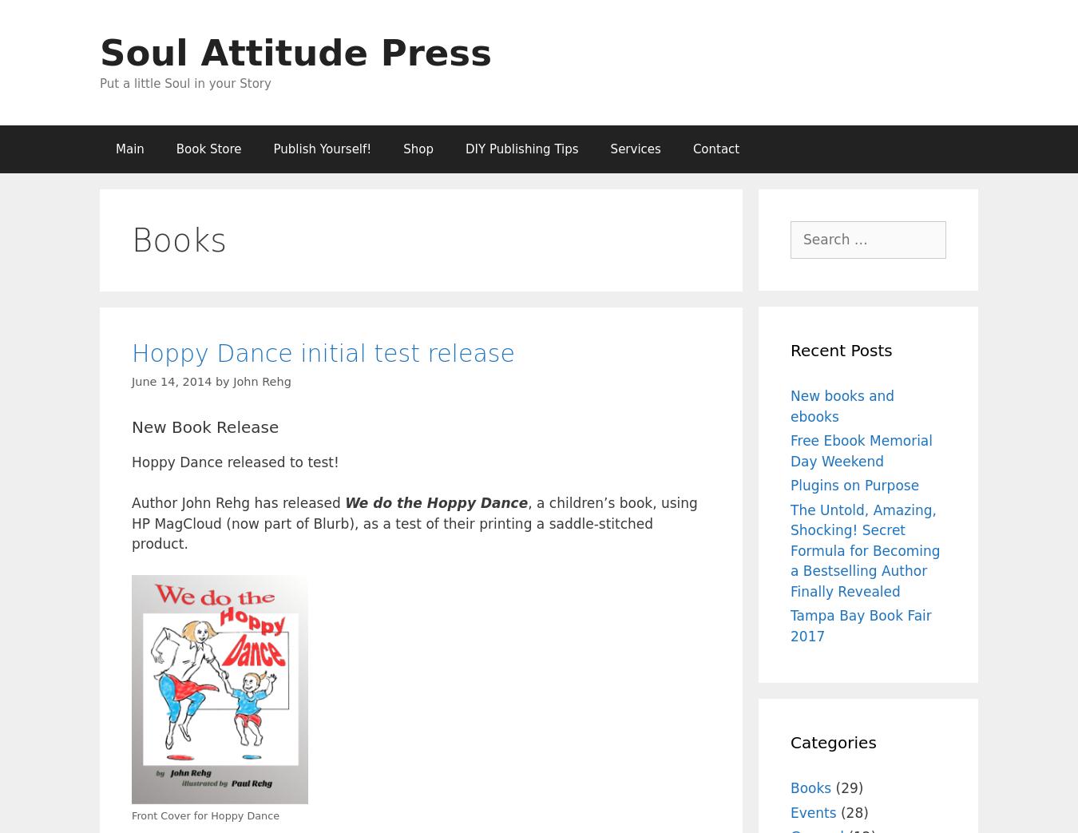  Describe the element at coordinates (172, 379) in the screenshot. I see `'June 14, 2014'` at that location.